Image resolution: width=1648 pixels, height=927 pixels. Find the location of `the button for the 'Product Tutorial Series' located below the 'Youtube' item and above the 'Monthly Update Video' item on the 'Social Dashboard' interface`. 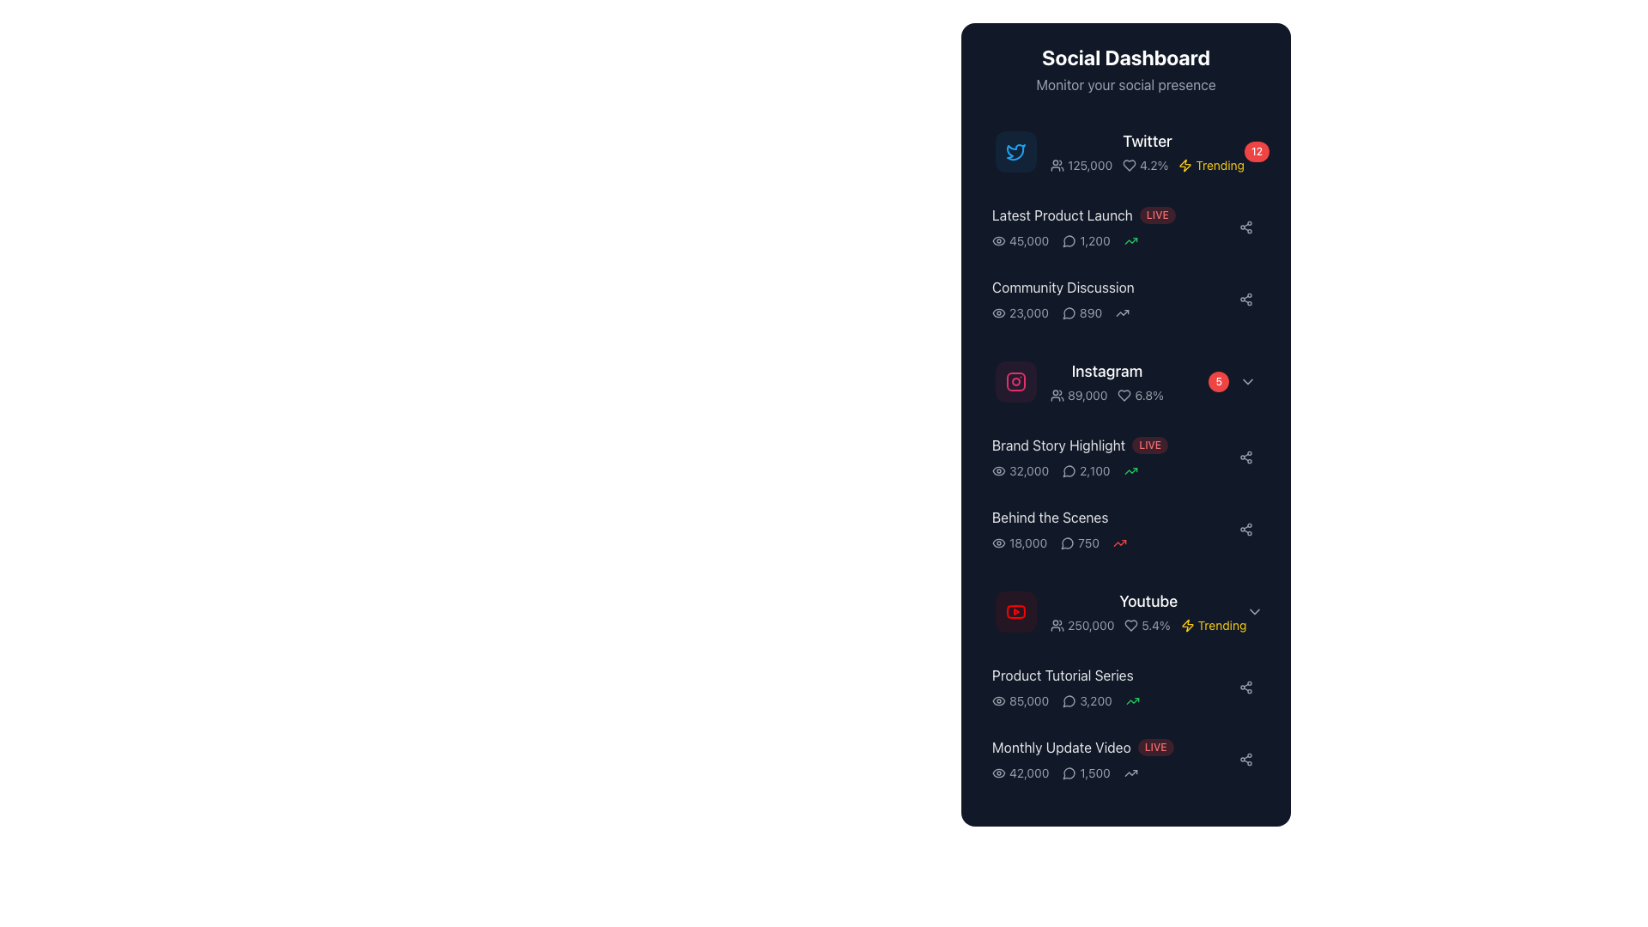

the button for the 'Product Tutorial Series' located below the 'Youtube' item and above the 'Monthly Update Video' item on the 'Social Dashboard' interface is located at coordinates (1125, 687).